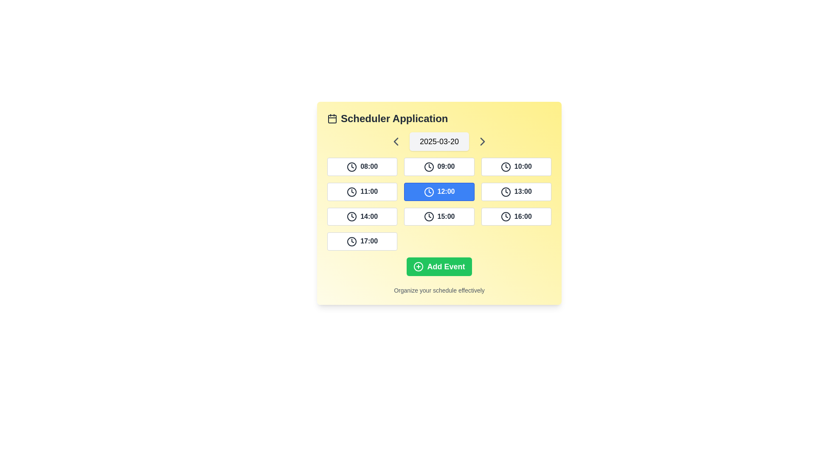 This screenshot has height=458, width=815. Describe the element at coordinates (419, 266) in the screenshot. I see `the central icon of the green 'Add Event' button` at that location.